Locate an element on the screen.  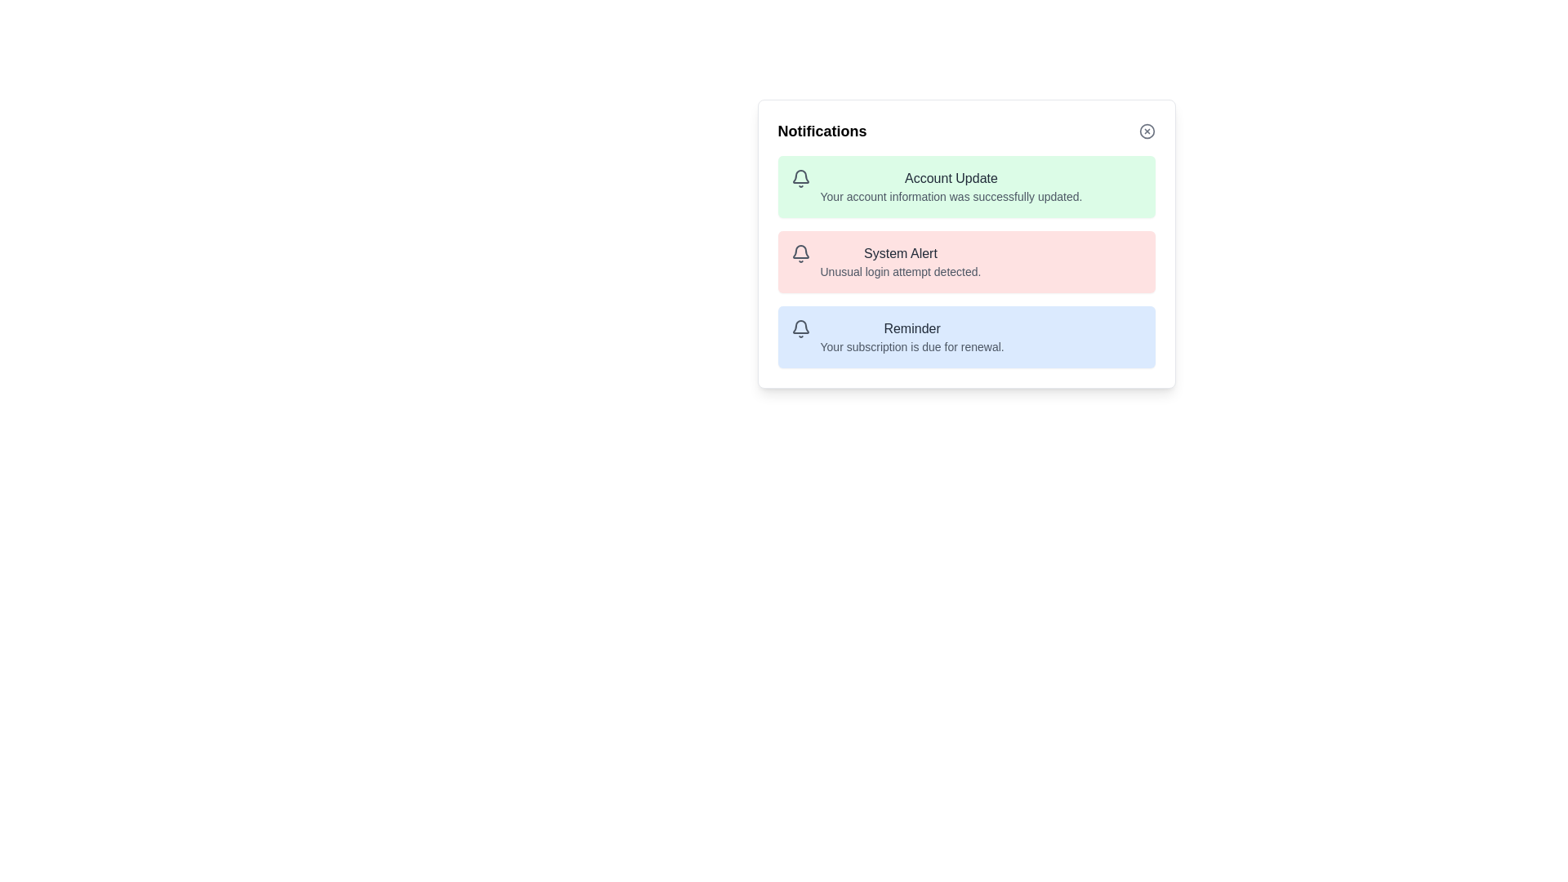
the text label that provides additional details about the 'System Alert' notification, which is the second notification block in a vertical stack of three notifications with a pink background is located at coordinates (900, 270).